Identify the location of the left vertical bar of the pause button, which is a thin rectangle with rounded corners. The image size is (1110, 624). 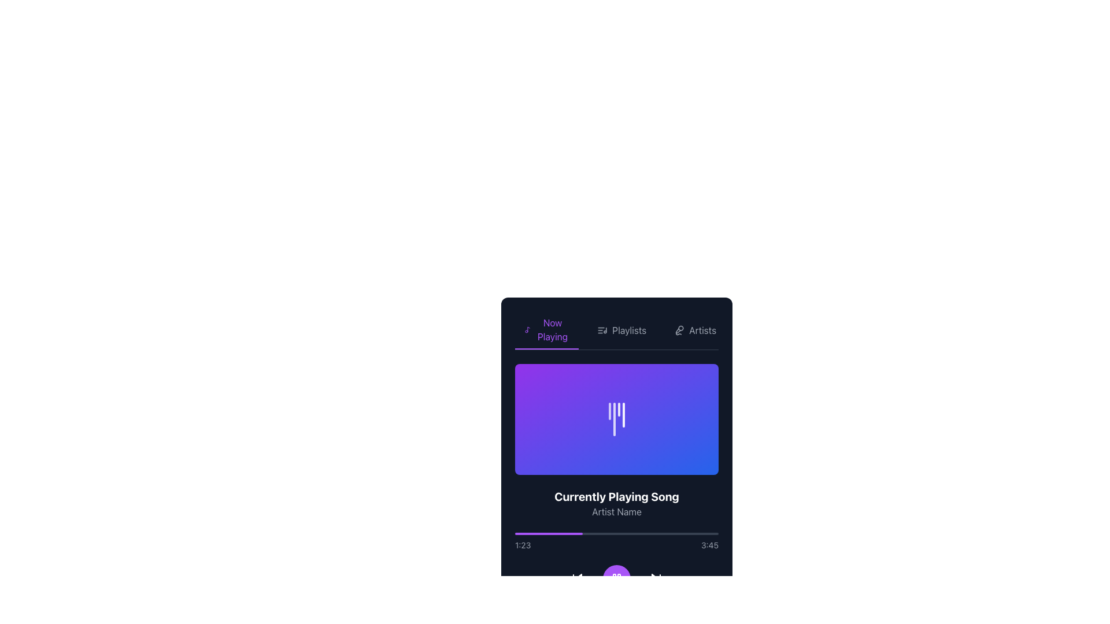
(613, 579).